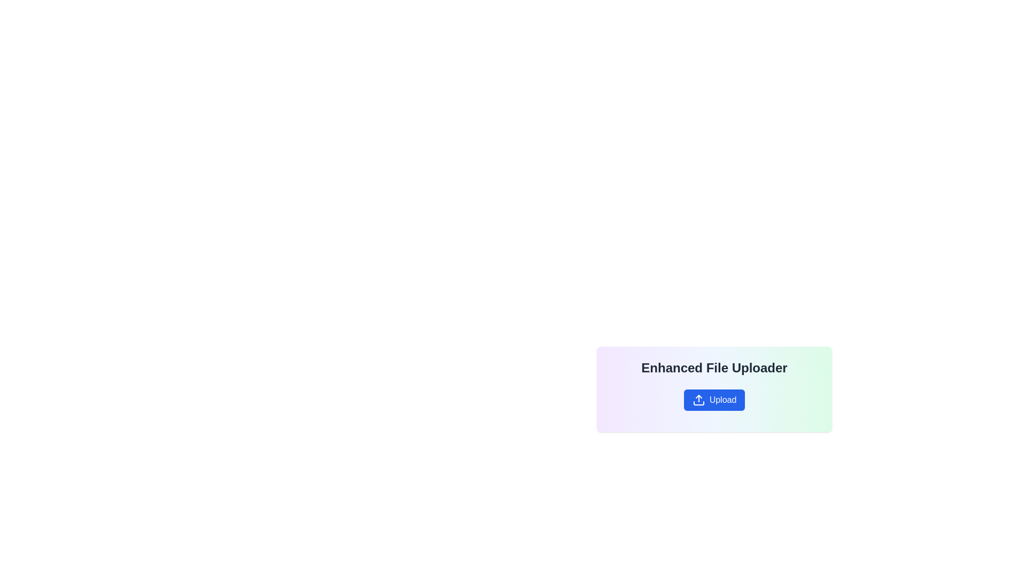 This screenshot has width=1026, height=577. What do you see at coordinates (714, 368) in the screenshot?
I see `the text label that displays 'Enhanced File Uploader', which is styled in bold and larger font, and is centrally positioned at the top of a rounded rectangular panel with a gradient background` at bounding box center [714, 368].